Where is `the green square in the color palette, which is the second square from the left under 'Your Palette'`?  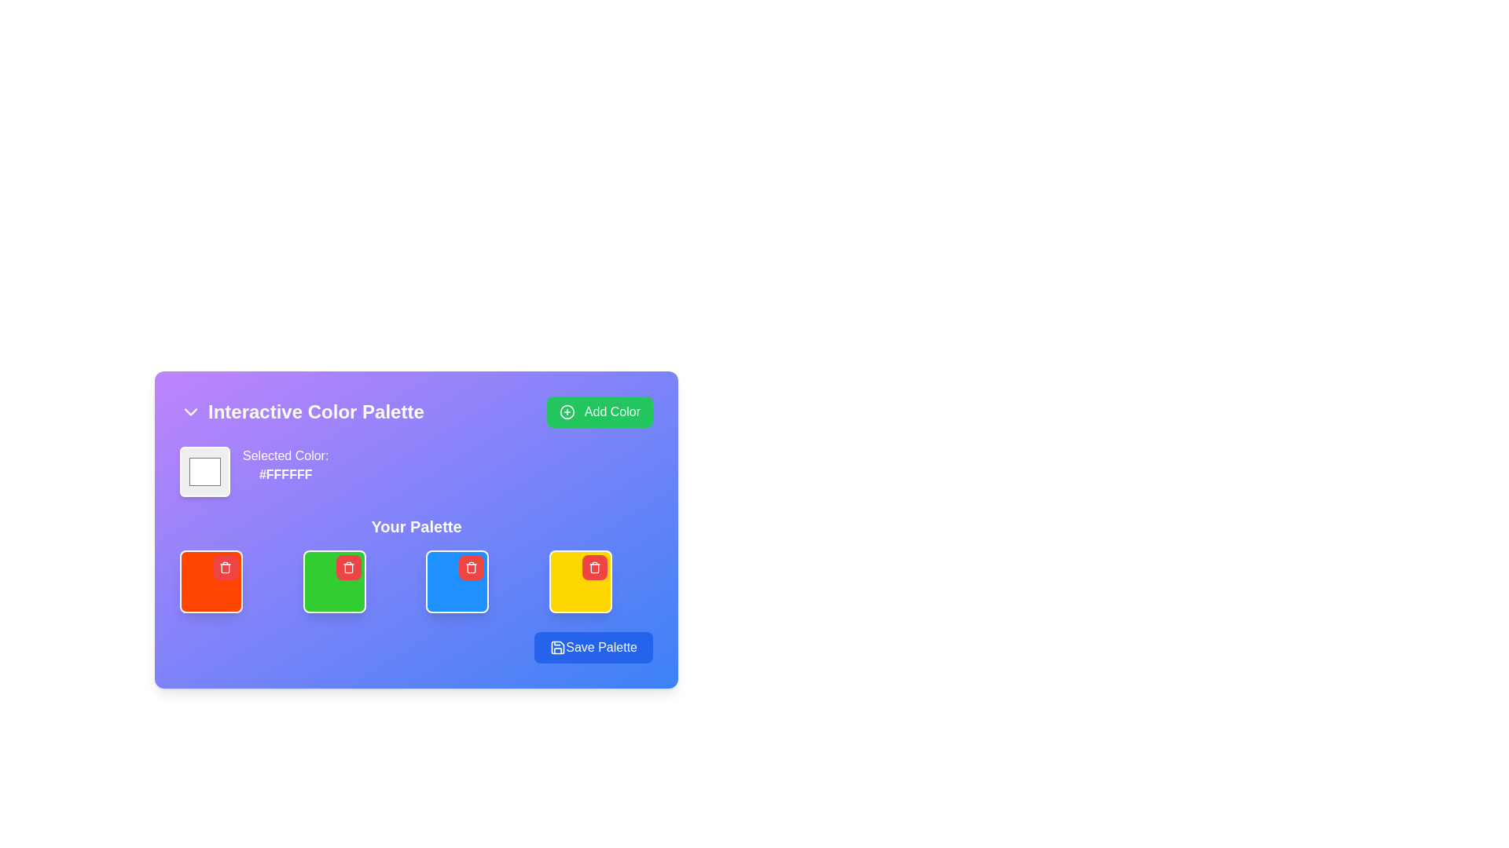 the green square in the color palette, which is the second square from the left under 'Your Palette' is located at coordinates (333, 581).